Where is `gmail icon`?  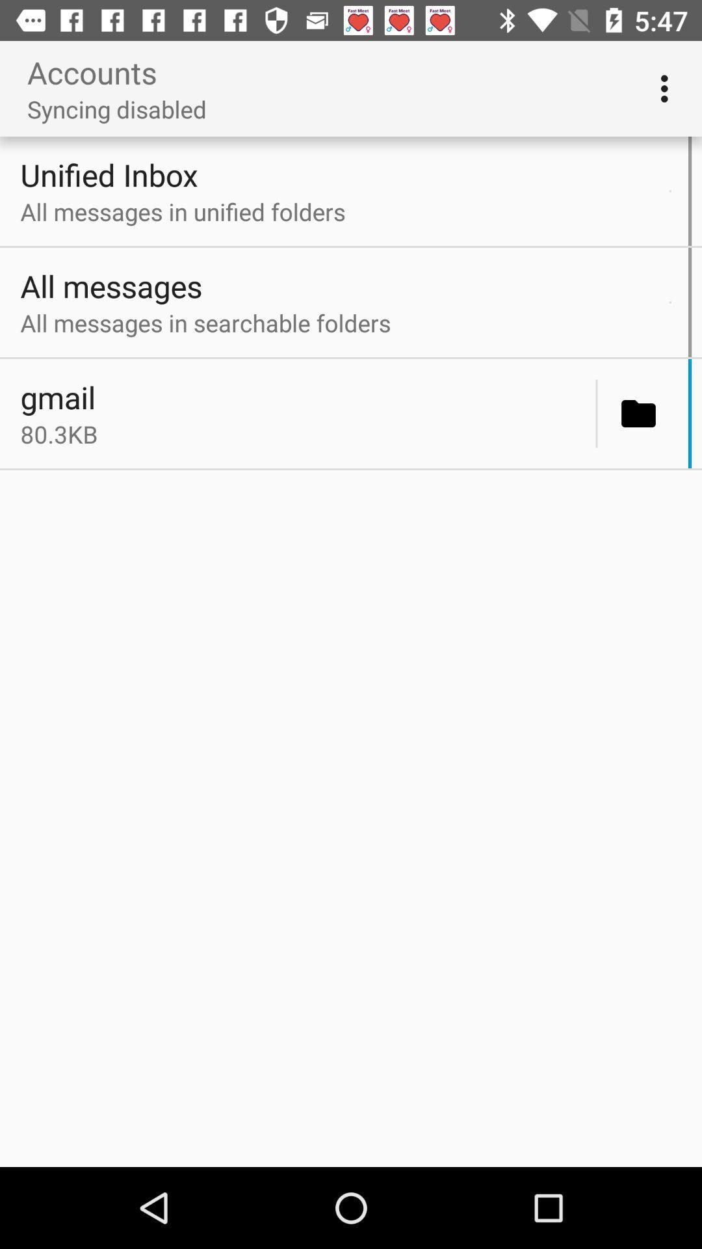 gmail icon is located at coordinates (304, 396).